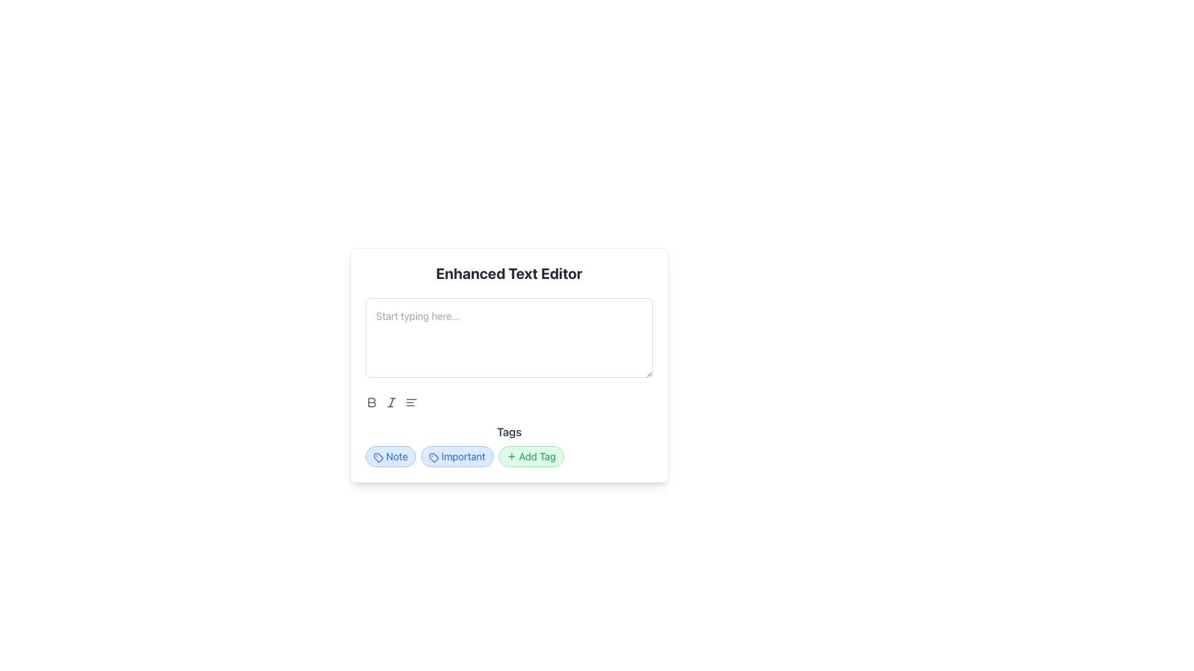 This screenshot has height=671, width=1194. What do you see at coordinates (390, 457) in the screenshot?
I see `the first tag button that filters content related to the 'Note' category, located below the input editor and to the left of the 'Important' tag` at bounding box center [390, 457].